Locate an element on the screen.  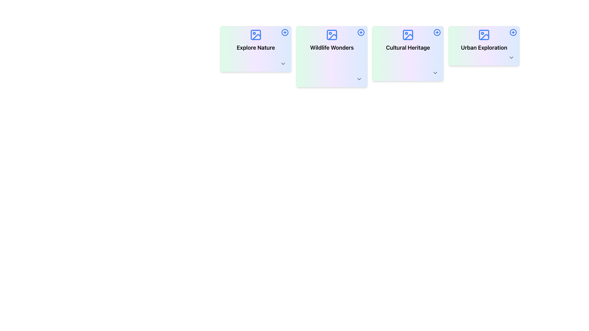
Decorative SVG shape located in the top-left corner of the icon depicting a picture frame within the 'Cultural Heritage' card, which is the third card from the left is located at coordinates (408, 35).